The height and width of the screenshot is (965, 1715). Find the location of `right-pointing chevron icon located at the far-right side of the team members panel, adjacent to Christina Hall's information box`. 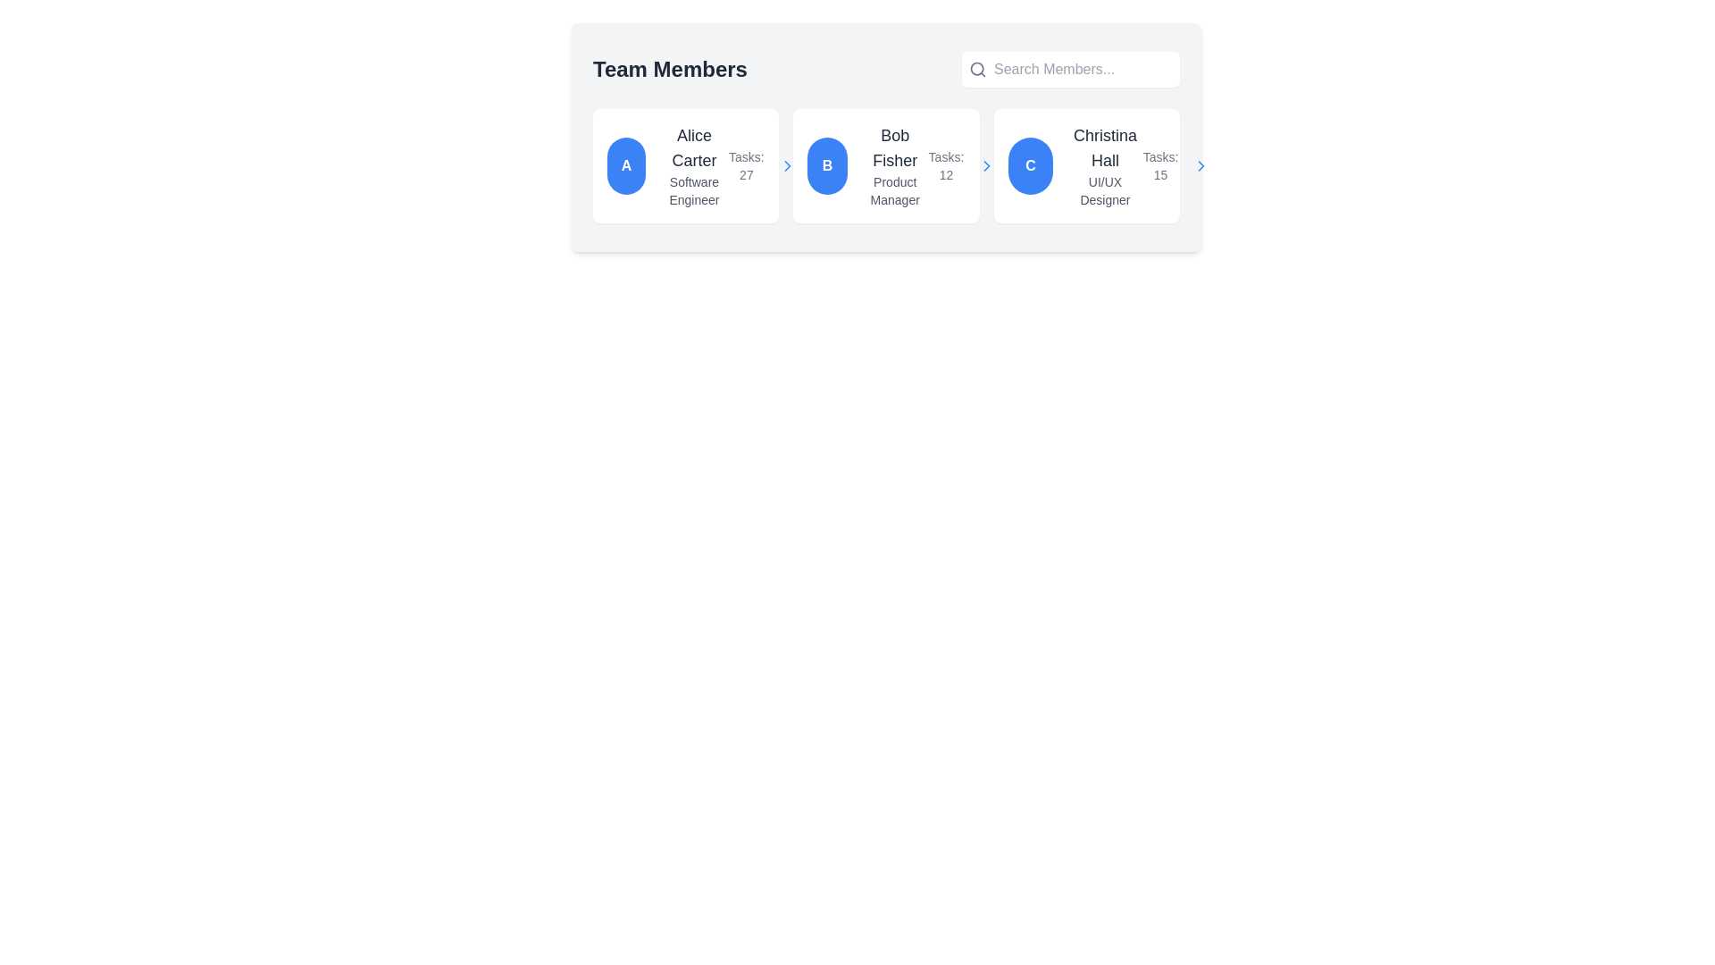

right-pointing chevron icon located at the far-right side of the team members panel, adjacent to Christina Hall's information box is located at coordinates (1201, 165).